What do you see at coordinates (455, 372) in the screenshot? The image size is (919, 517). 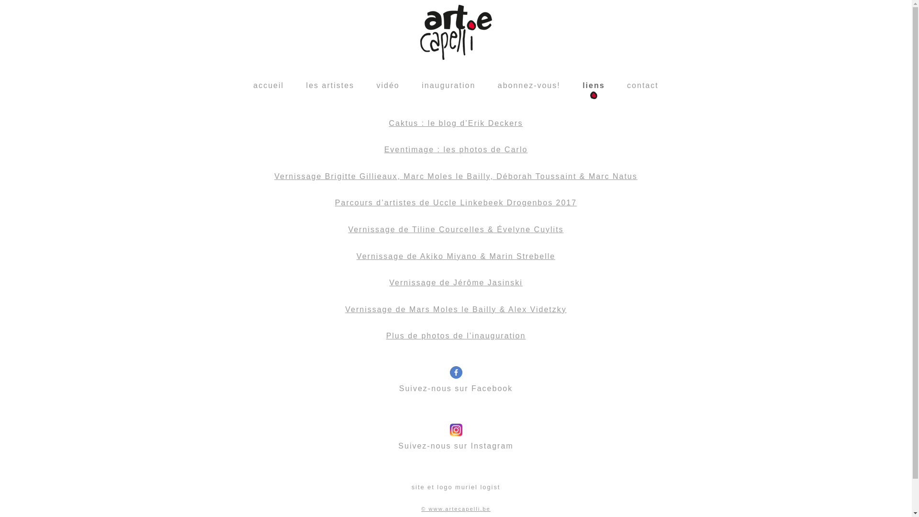 I see `'Suivez-nous sur Facebook'` at bounding box center [455, 372].